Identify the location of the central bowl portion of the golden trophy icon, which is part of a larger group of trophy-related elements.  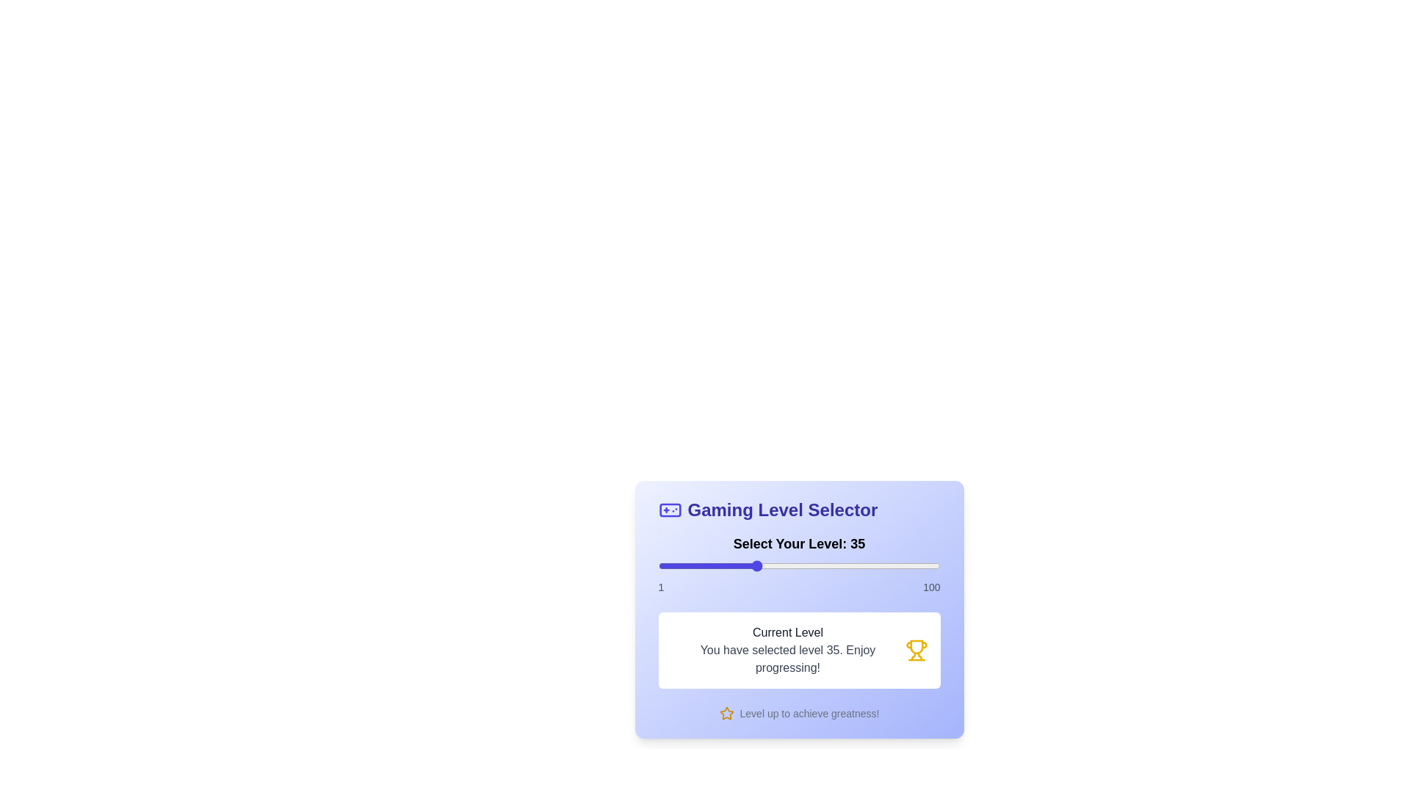
(916, 646).